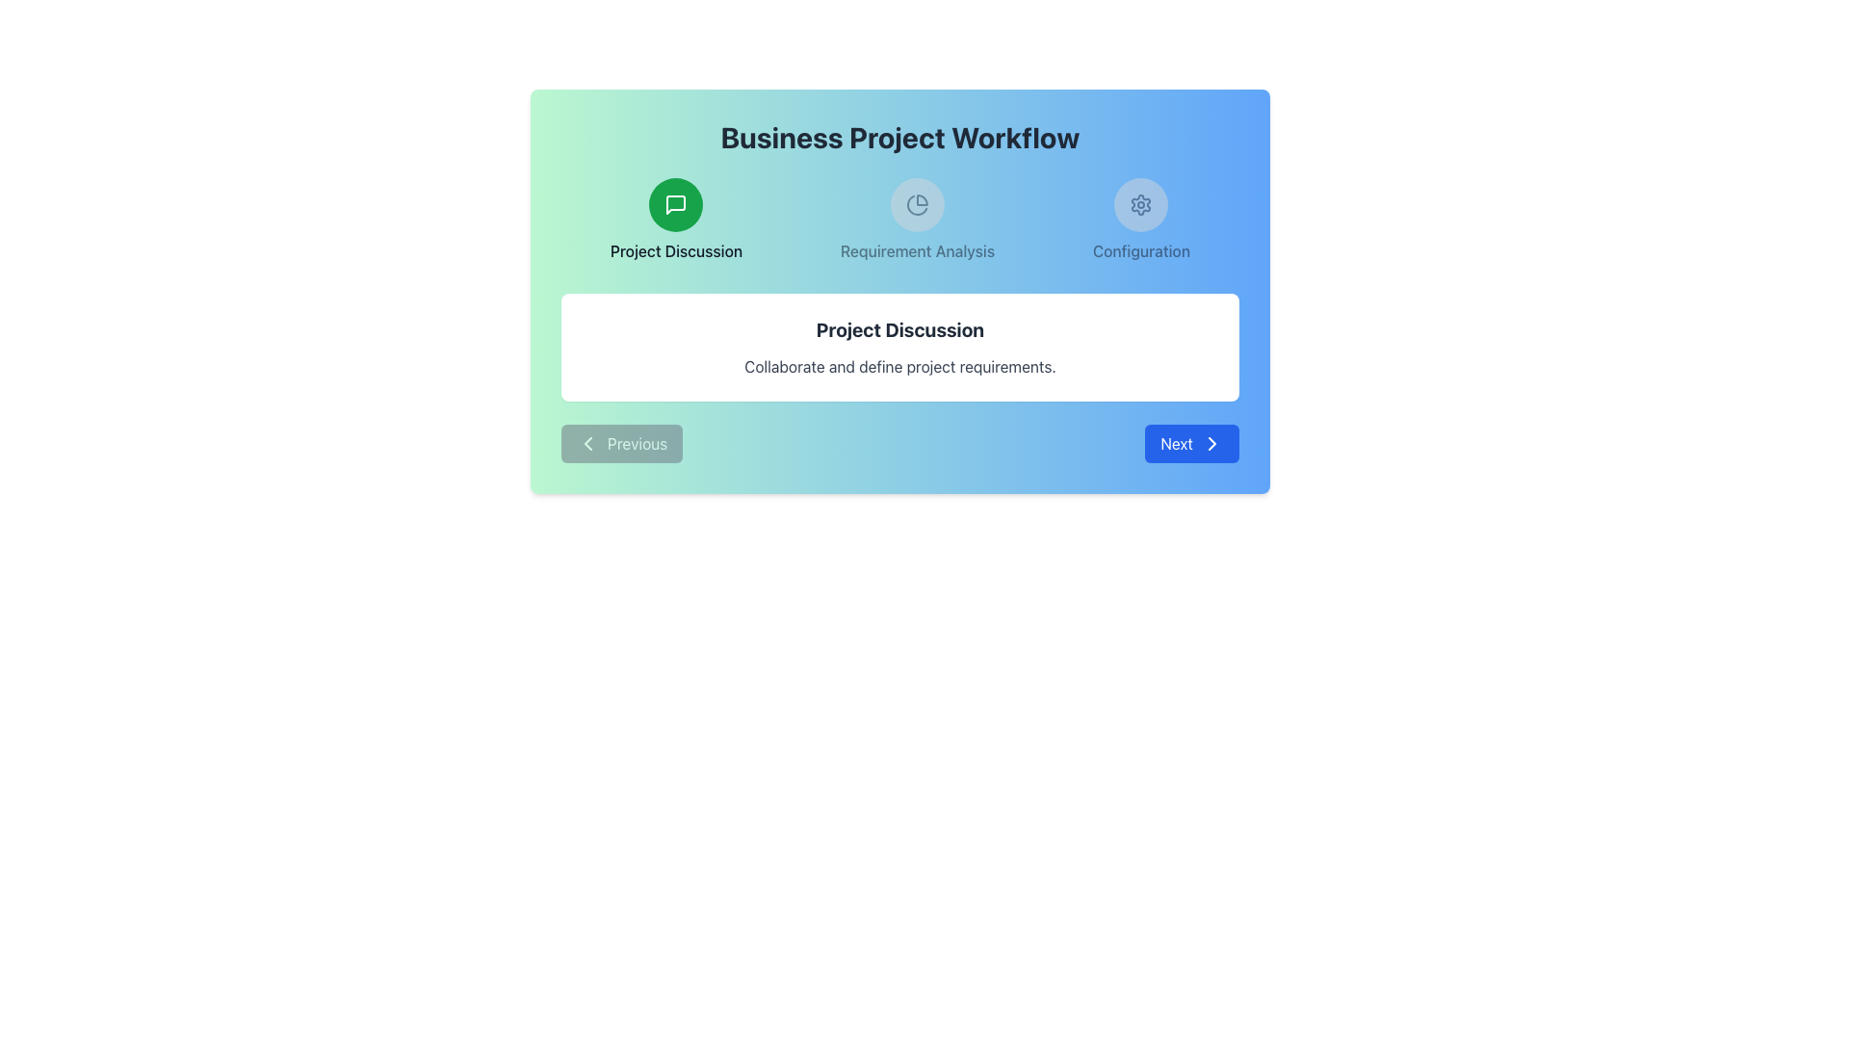 The height and width of the screenshot is (1040, 1849). I want to click on the 'Project Discussion' icon, which is an SVG icon within a button-like interface, so click(676, 204).